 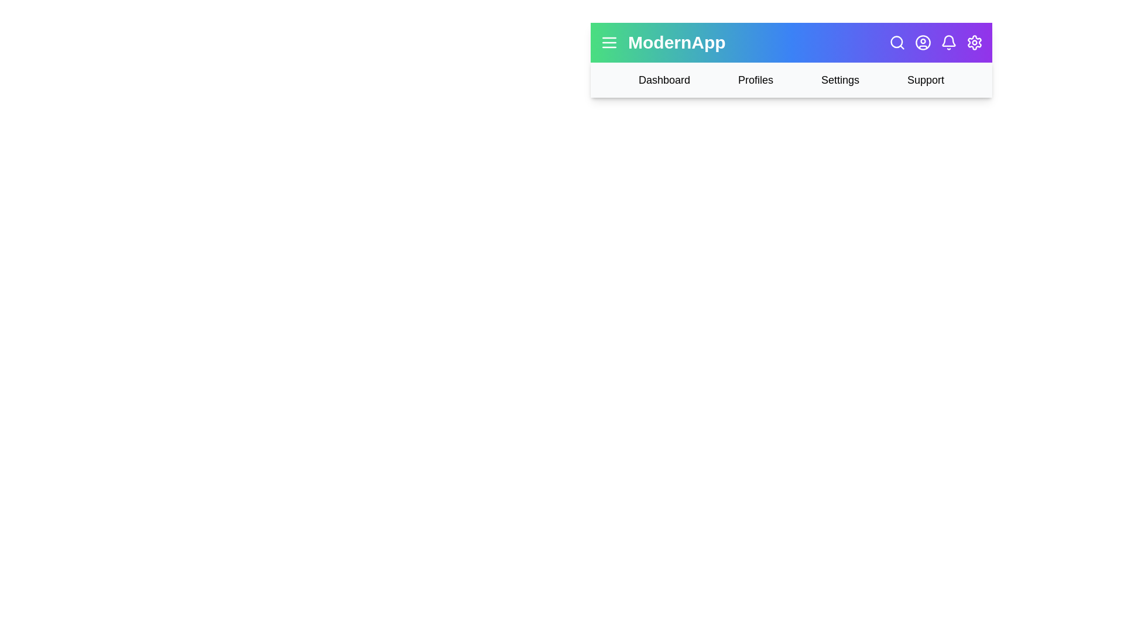 What do you see at coordinates (975, 42) in the screenshot?
I see `the settings gear icon to open the settings menu` at bounding box center [975, 42].